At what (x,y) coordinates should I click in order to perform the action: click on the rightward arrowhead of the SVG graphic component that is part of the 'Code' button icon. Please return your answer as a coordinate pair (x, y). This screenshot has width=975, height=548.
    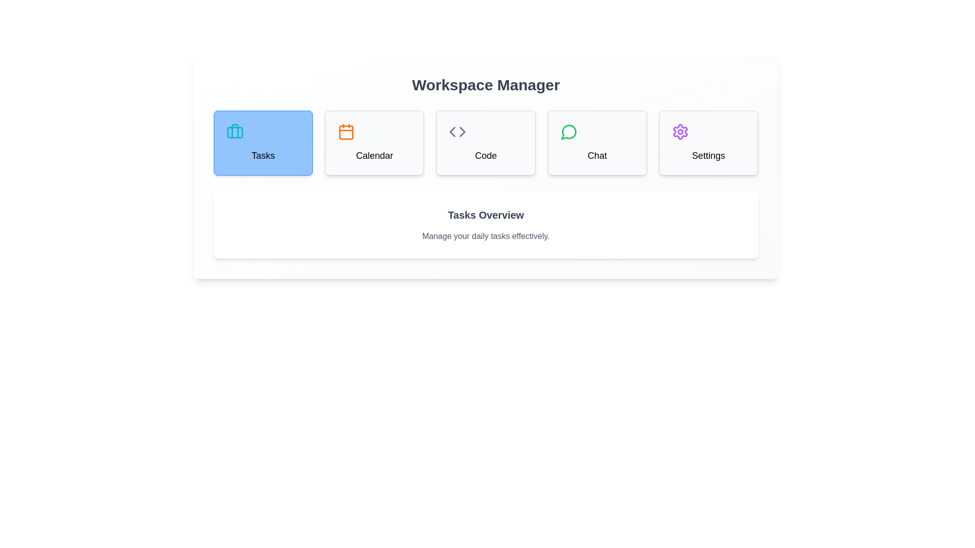
    Looking at the image, I should click on (462, 131).